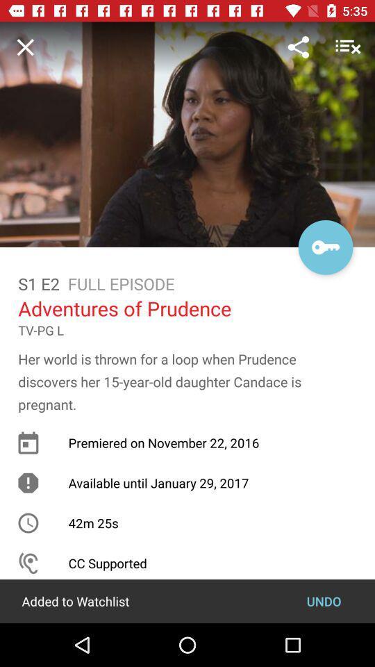 This screenshot has height=667, width=375. Describe the element at coordinates (324, 600) in the screenshot. I see `icon at the bottom right corner` at that location.